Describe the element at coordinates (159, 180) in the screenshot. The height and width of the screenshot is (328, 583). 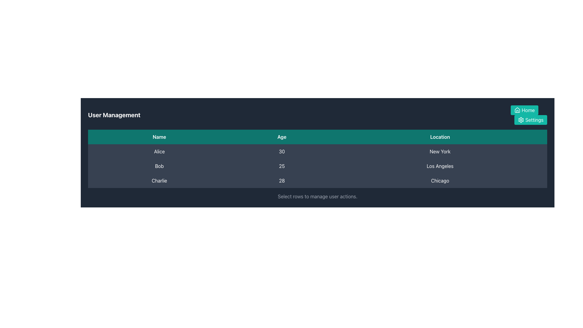
I see `text content of the label displaying 'Charlie', which is located in the leftmost column of the third row under the 'Name' column with a dark background and white font` at that location.